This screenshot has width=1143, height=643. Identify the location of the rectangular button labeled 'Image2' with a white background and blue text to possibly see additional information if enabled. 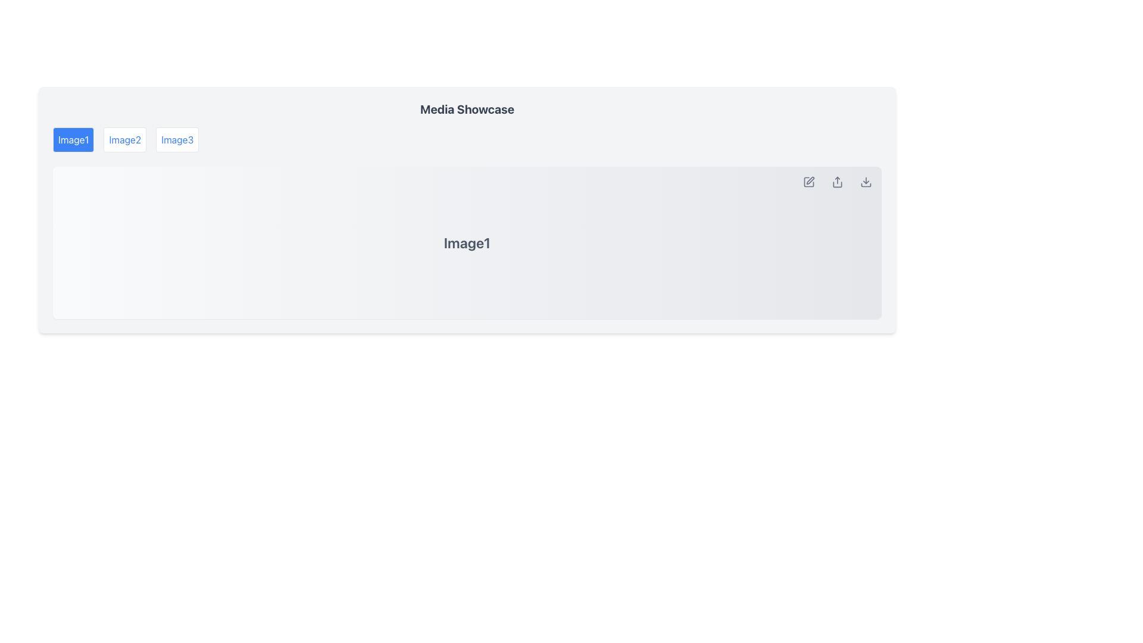
(125, 139).